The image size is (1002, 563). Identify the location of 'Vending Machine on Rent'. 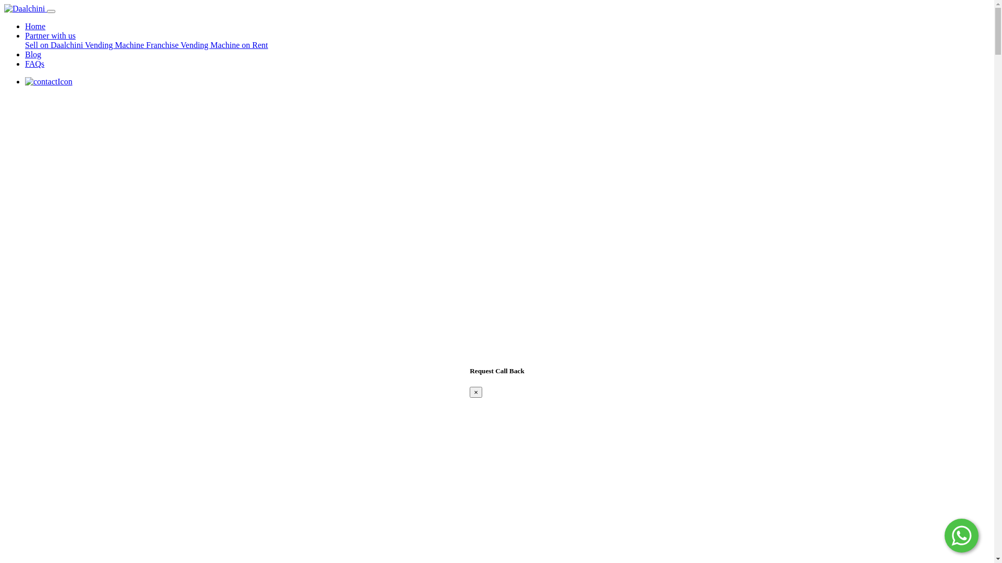
(224, 44).